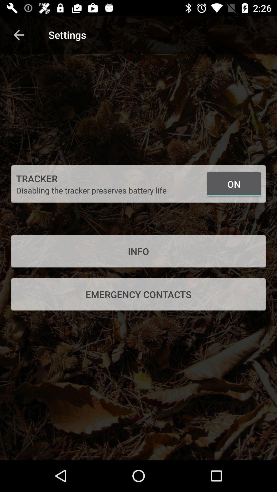  I want to click on on item, so click(234, 184).